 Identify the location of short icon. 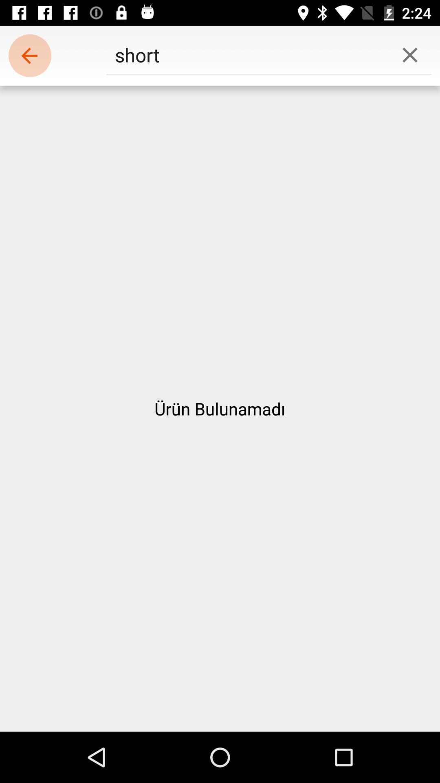
(247, 54).